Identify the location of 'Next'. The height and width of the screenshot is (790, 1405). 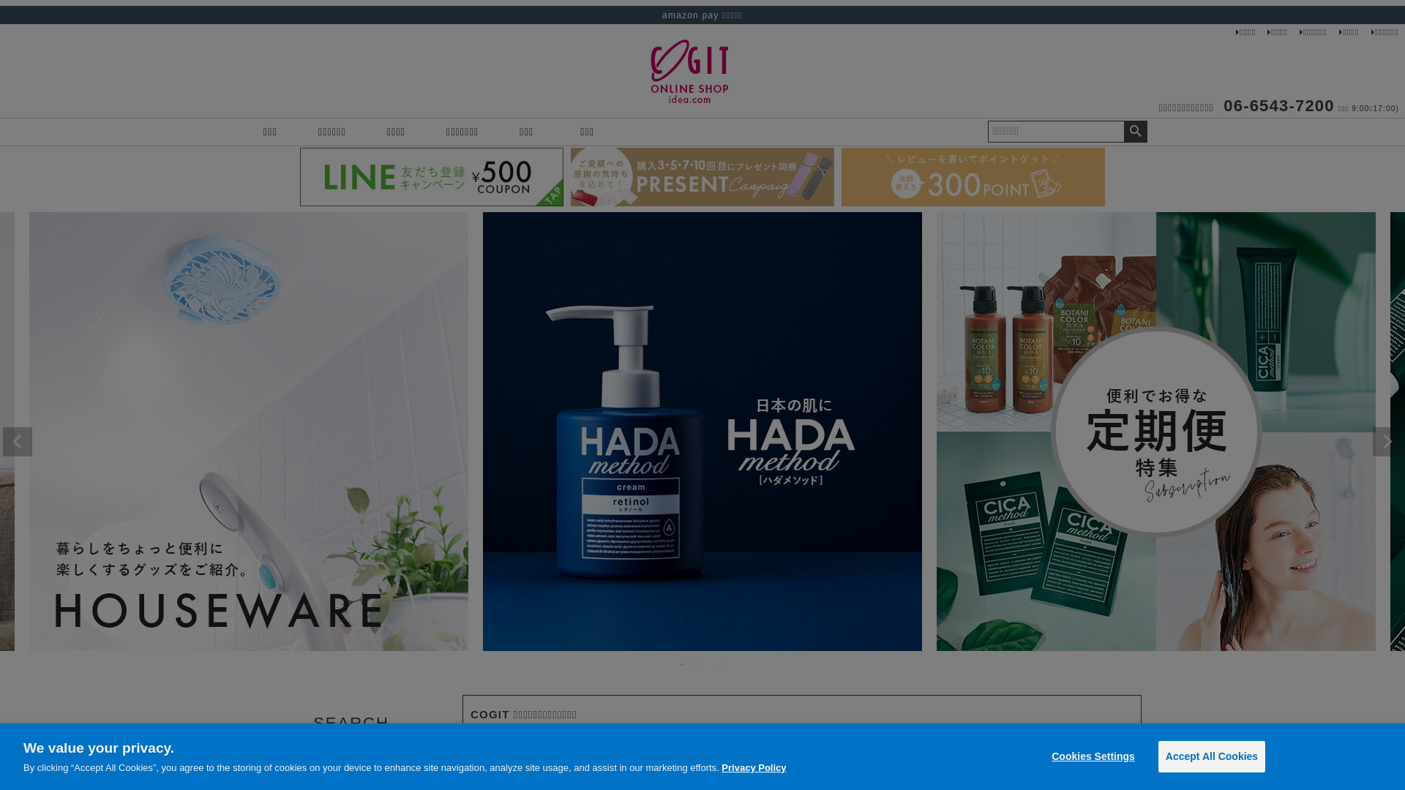
(1387, 441).